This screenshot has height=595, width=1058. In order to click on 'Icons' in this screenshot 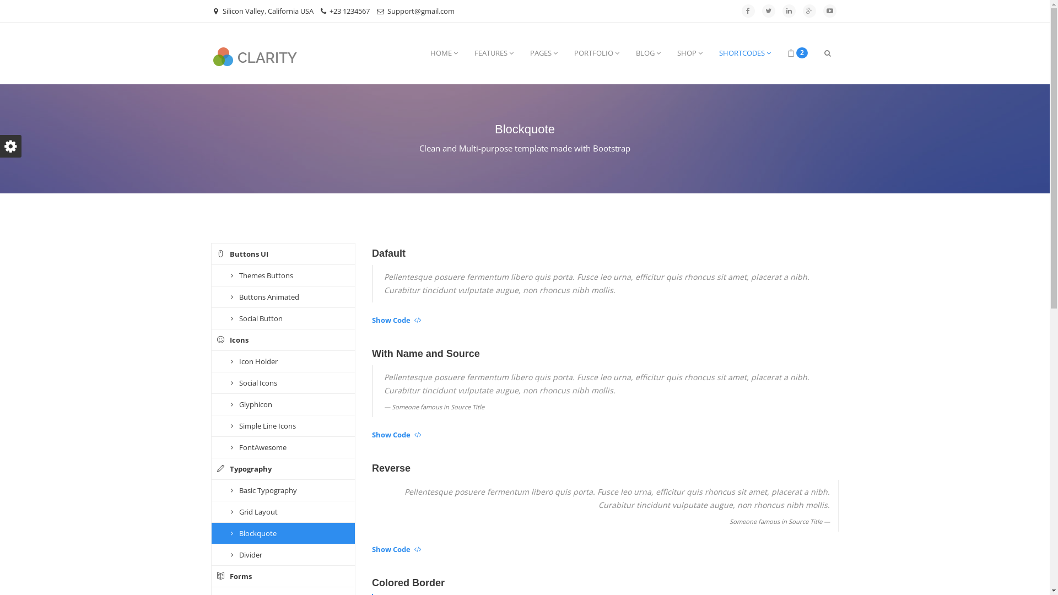, I will do `click(283, 339)`.